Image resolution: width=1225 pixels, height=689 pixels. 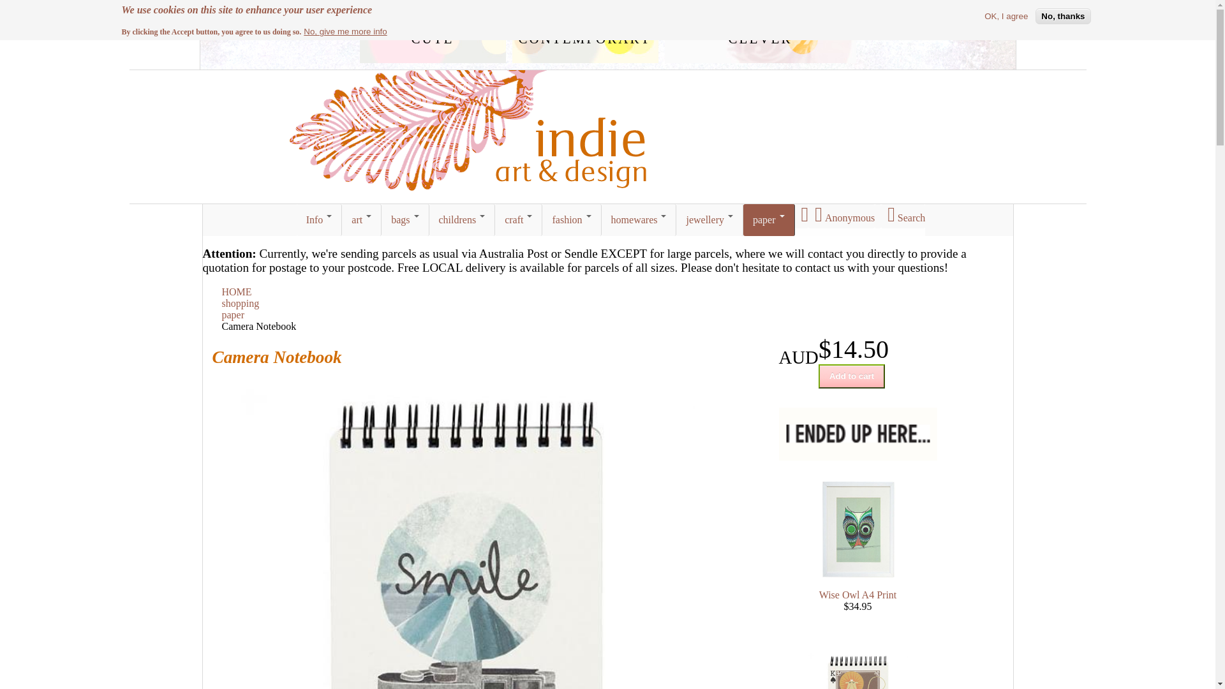 I want to click on 'craft', so click(x=518, y=219).